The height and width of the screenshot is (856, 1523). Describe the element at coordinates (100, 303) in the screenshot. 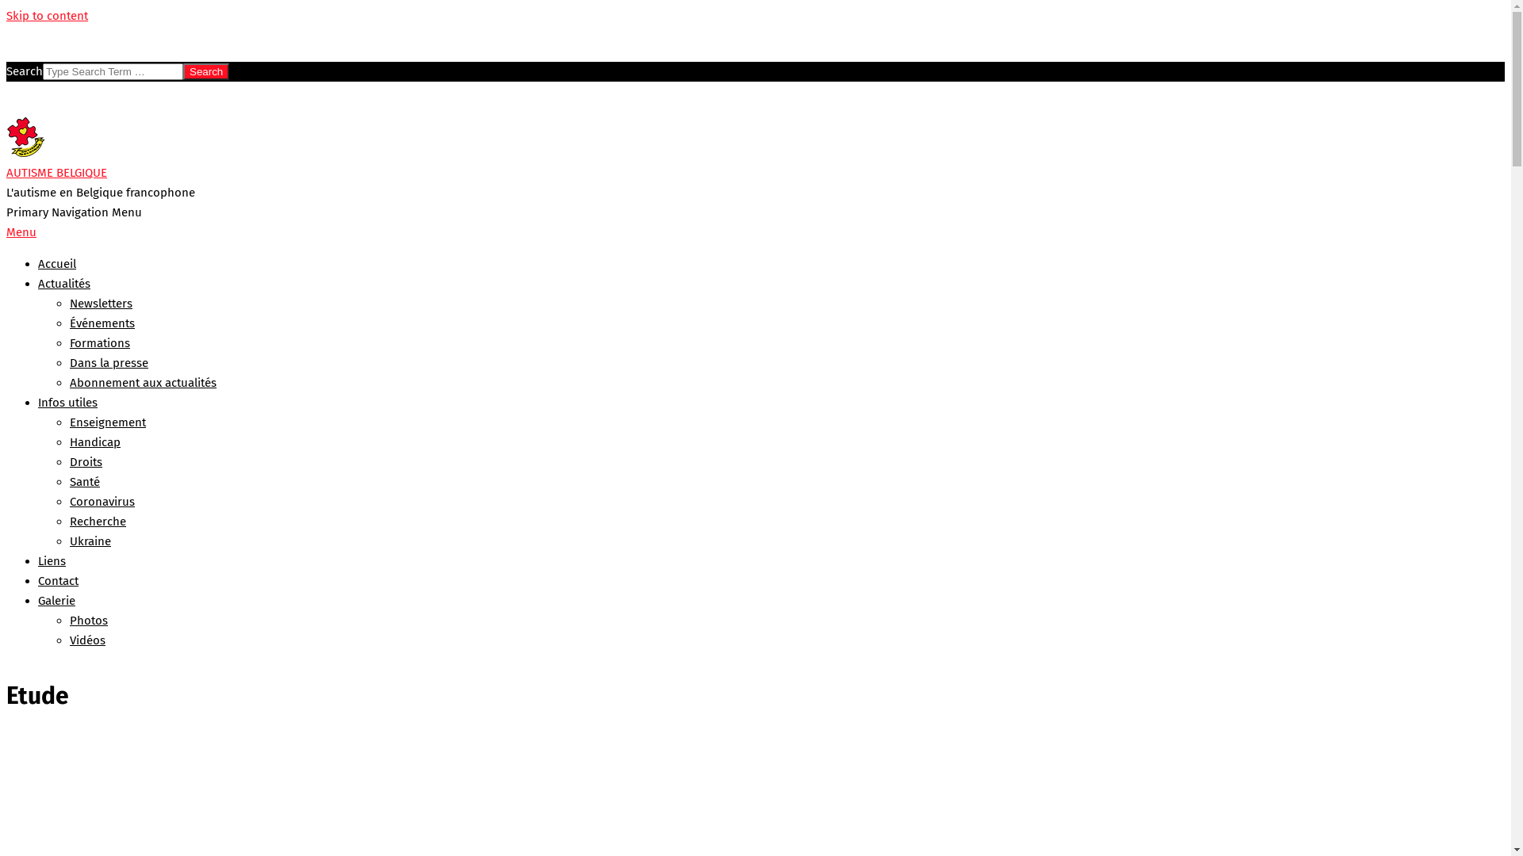

I see `'Newsletters'` at that location.